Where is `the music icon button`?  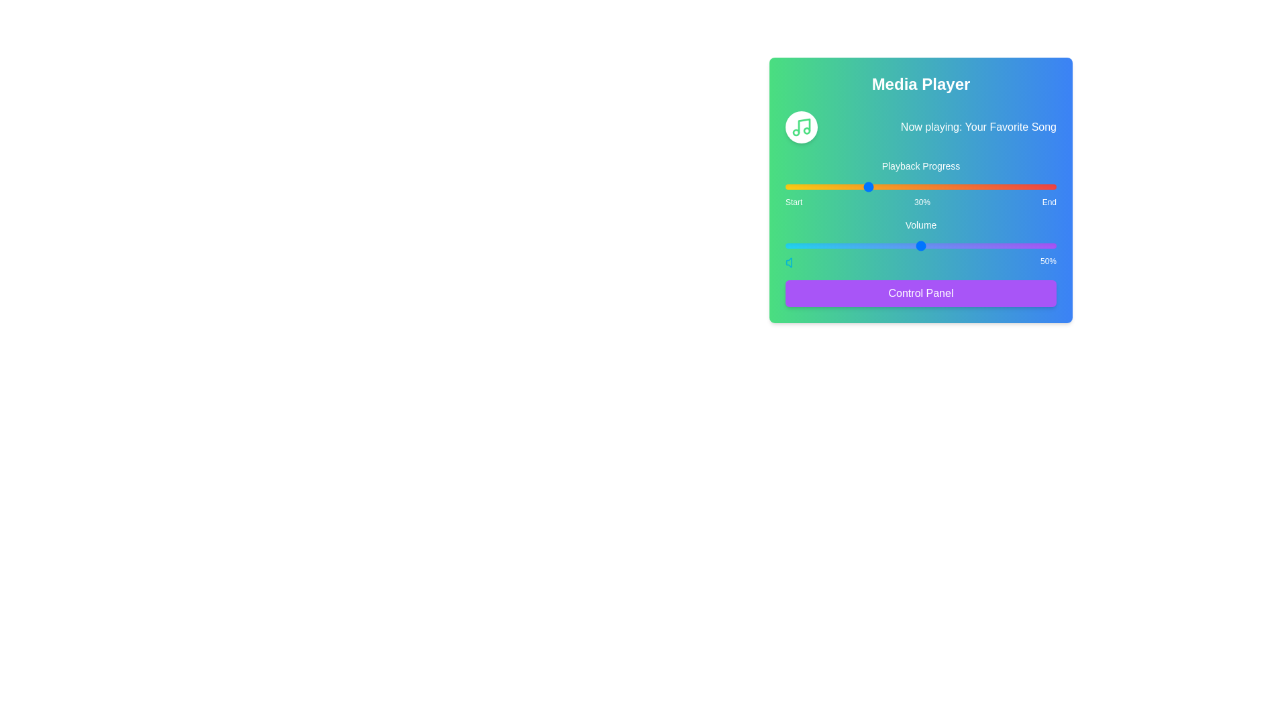
the music icon button is located at coordinates (802, 127).